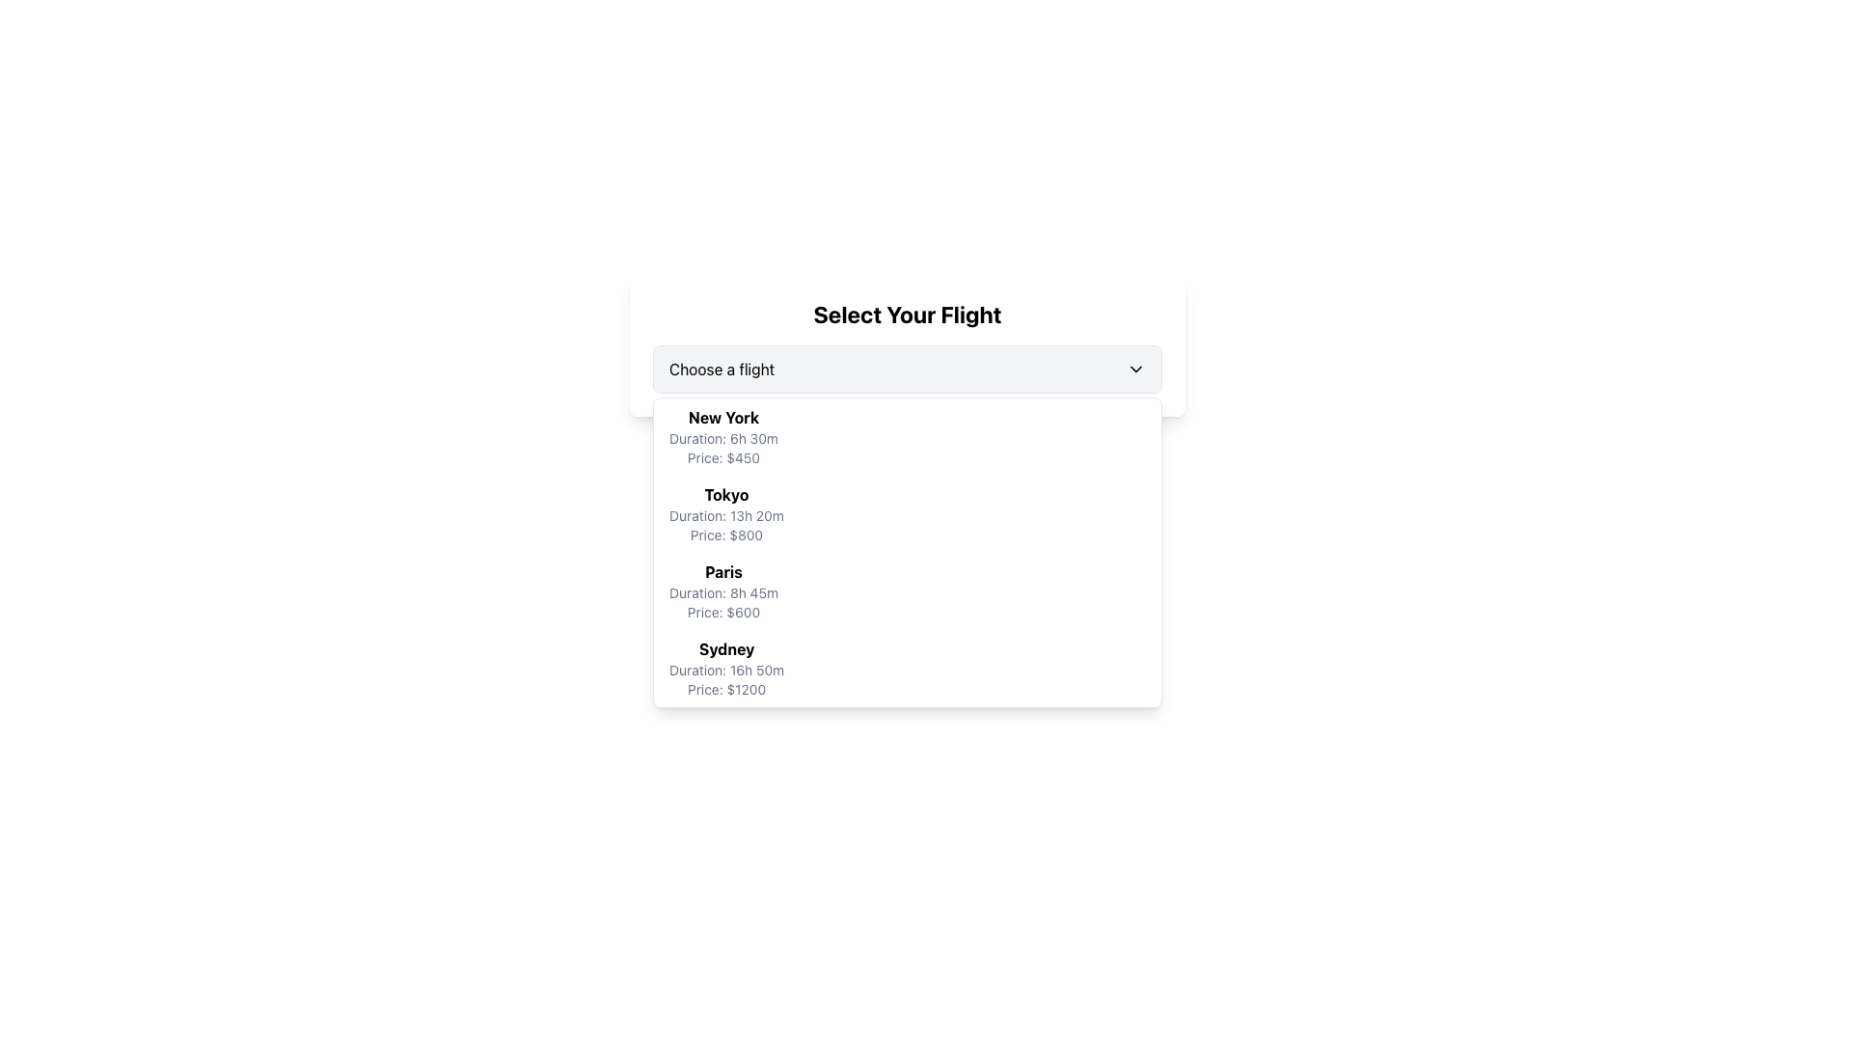 The height and width of the screenshot is (1042, 1852). I want to click on the static text displaying the price information for the Paris flight option, located below the 'Duration: 8h 45m' text in the dropdown menu, so click(722, 613).